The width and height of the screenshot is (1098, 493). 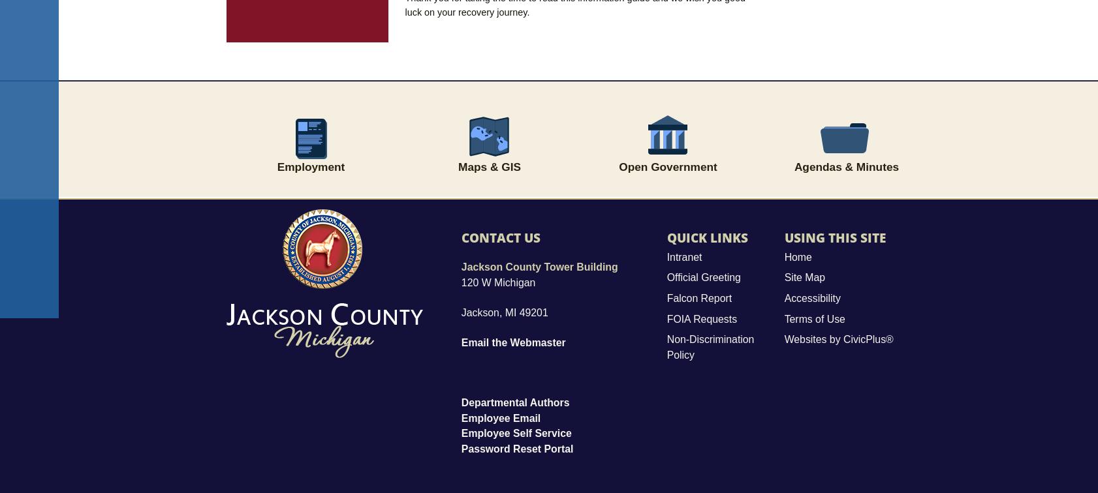 I want to click on 'Email the Webmaster', so click(x=512, y=342).